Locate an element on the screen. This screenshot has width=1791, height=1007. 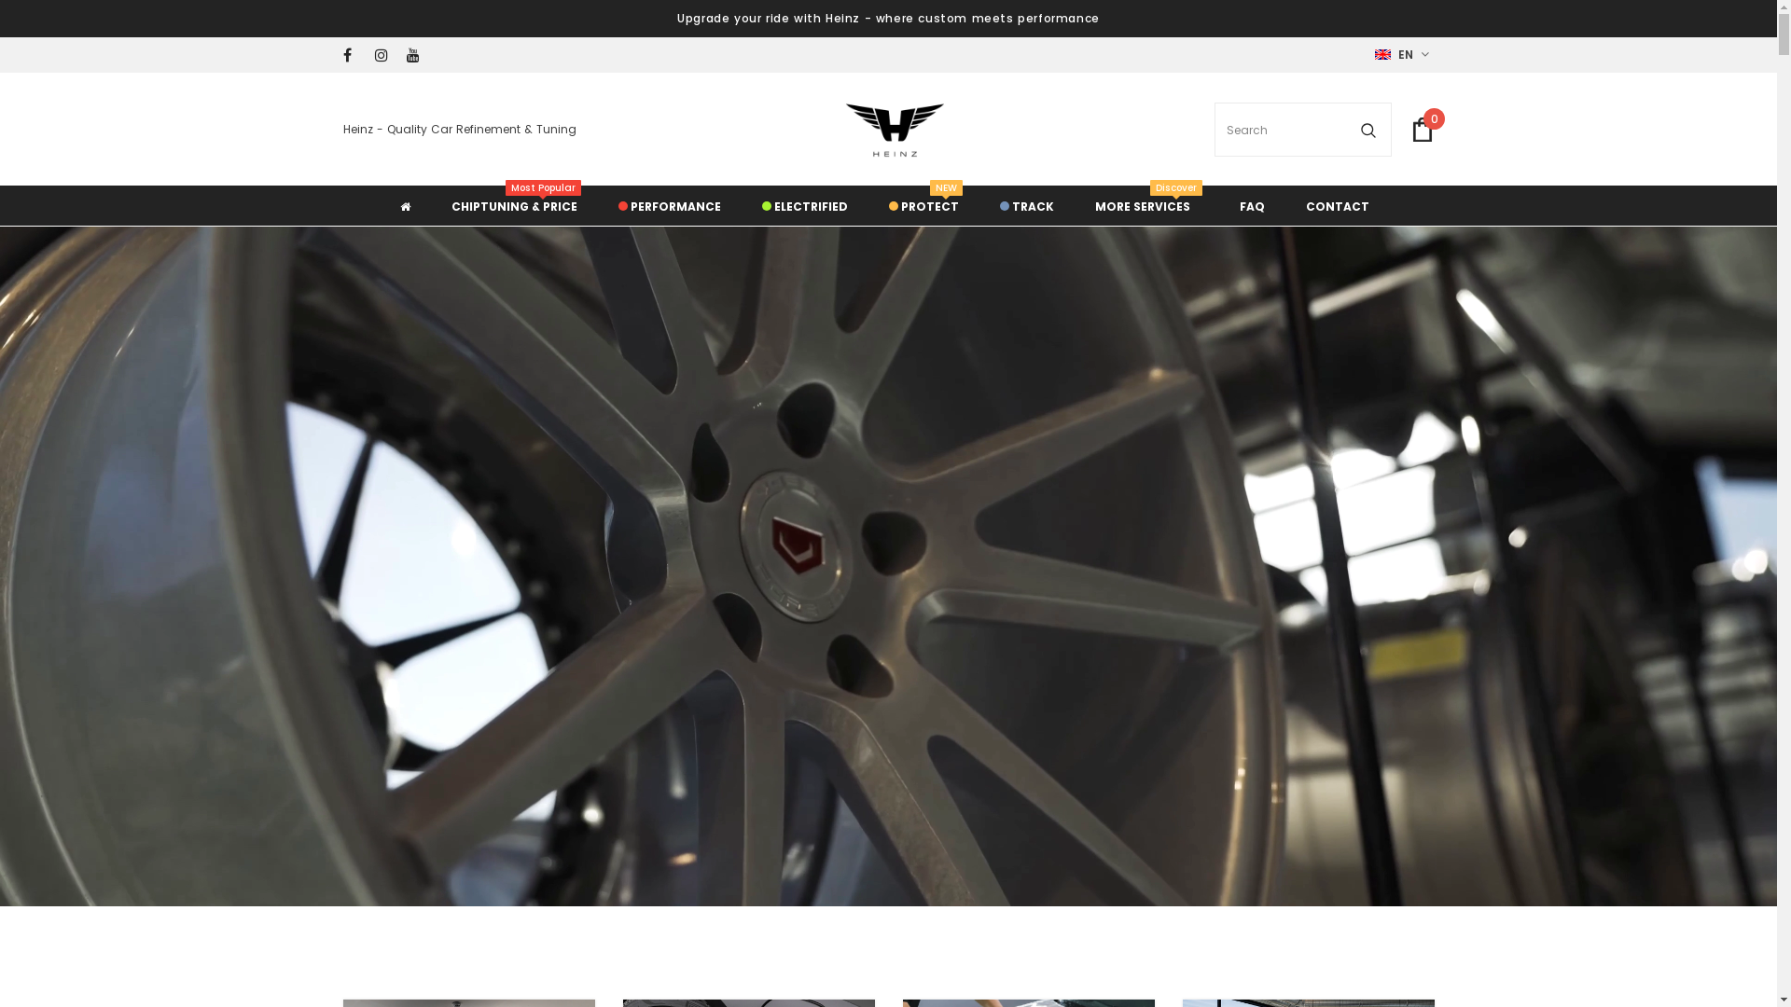
'ELECTRIFIED' is located at coordinates (804, 204).